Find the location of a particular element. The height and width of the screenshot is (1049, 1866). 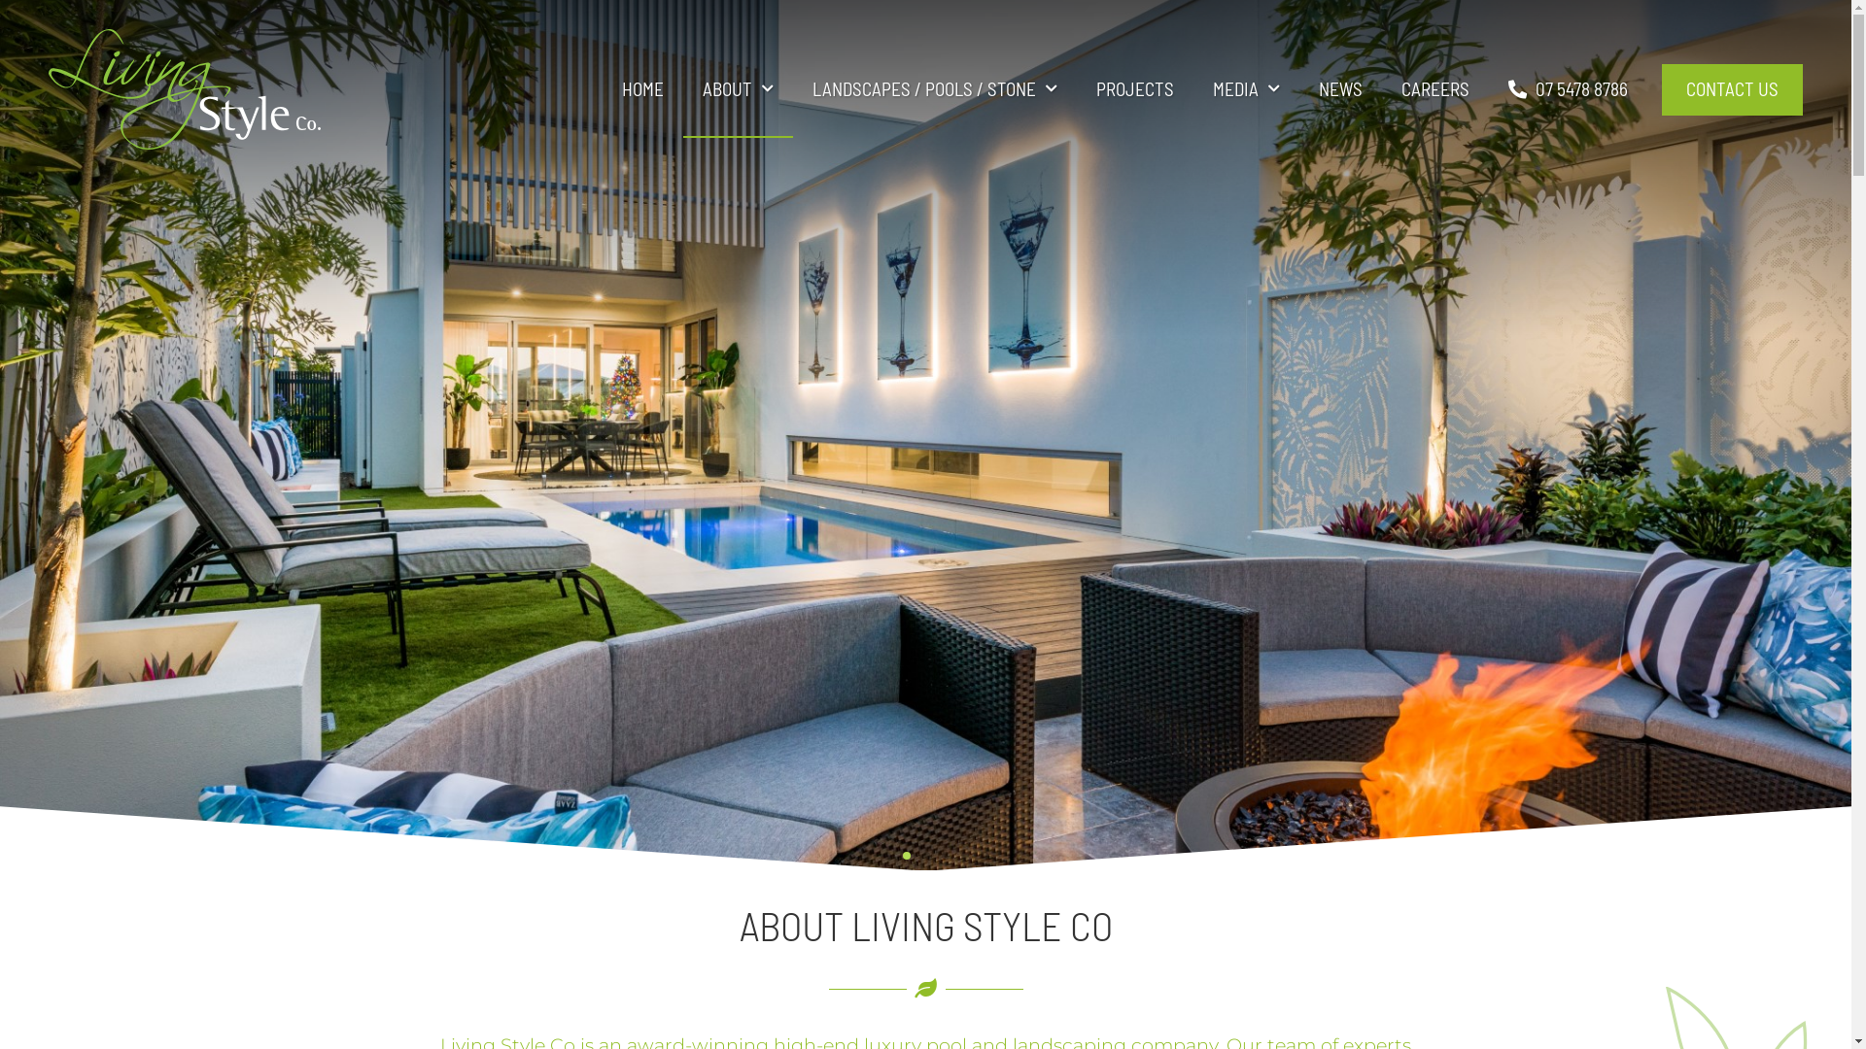

'CAREERS' is located at coordinates (1435, 89).